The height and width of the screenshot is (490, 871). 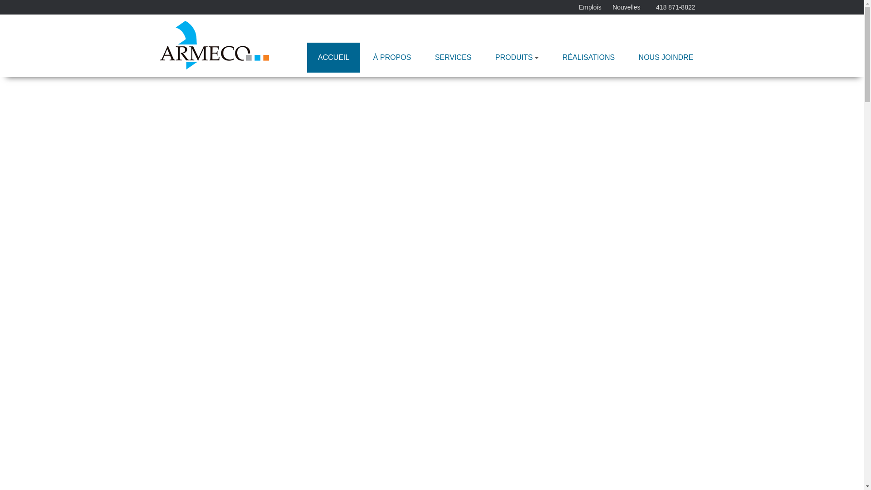 I want to click on 'SERVICES', so click(x=453, y=58).